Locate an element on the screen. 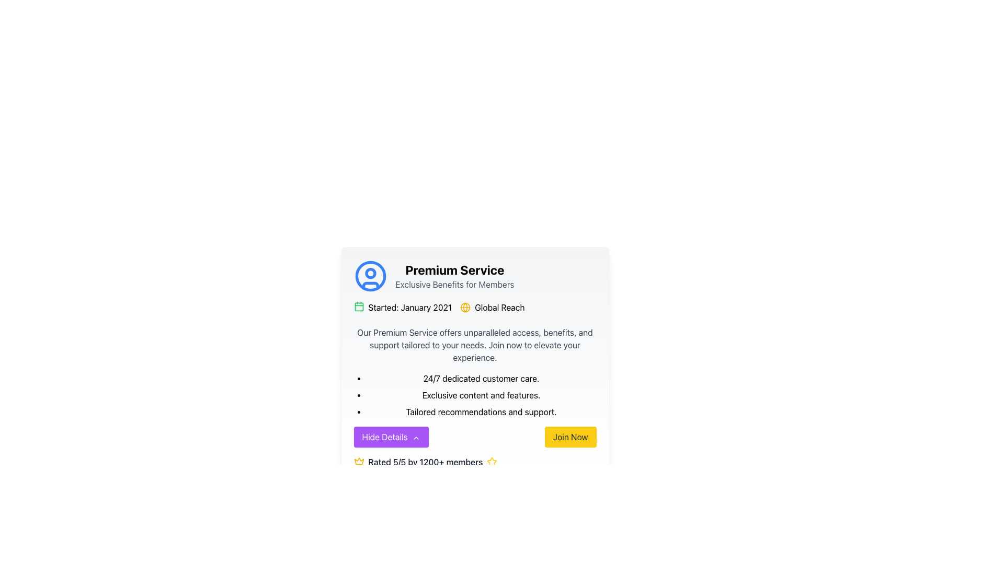 The width and height of the screenshot is (1004, 564). the five-star rating icon located at the rightmost section of the rating cluster, adjacent to the text 'Rated 5/5 by 1200+ members' is located at coordinates (492, 461).